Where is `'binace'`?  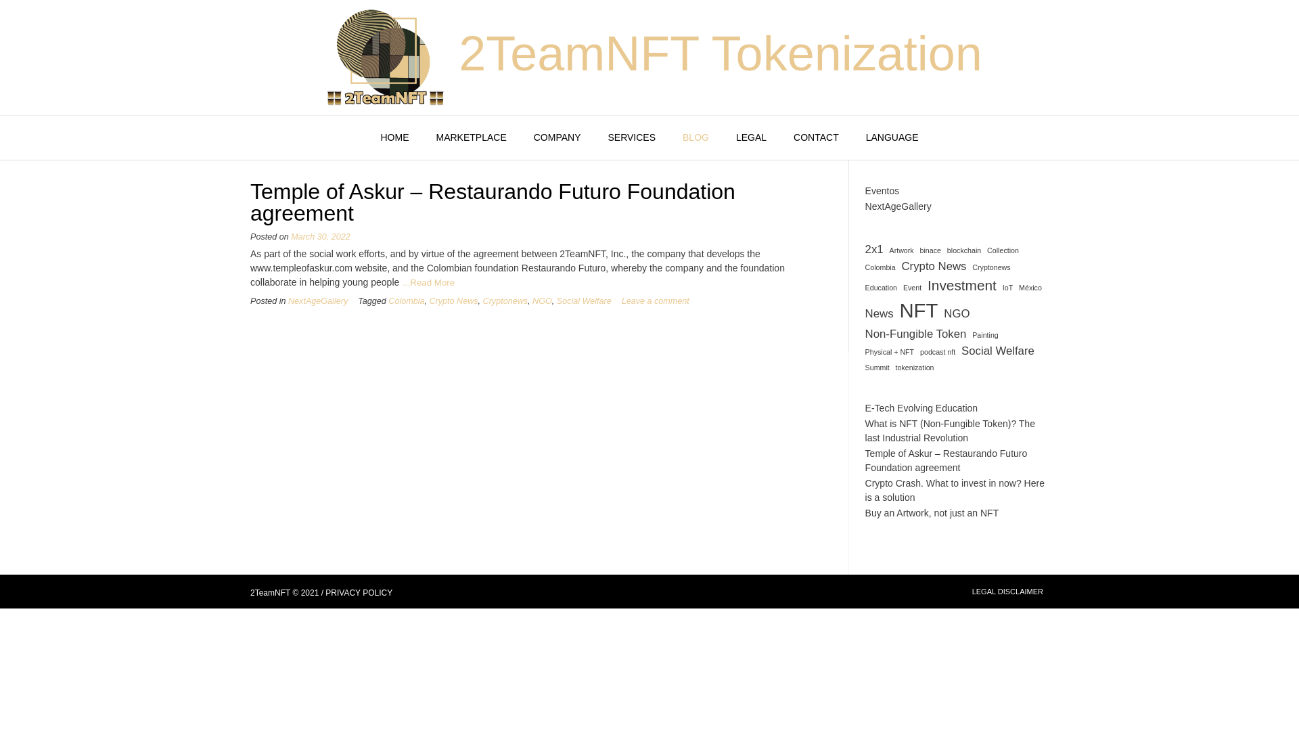
'binace' is located at coordinates (930, 250).